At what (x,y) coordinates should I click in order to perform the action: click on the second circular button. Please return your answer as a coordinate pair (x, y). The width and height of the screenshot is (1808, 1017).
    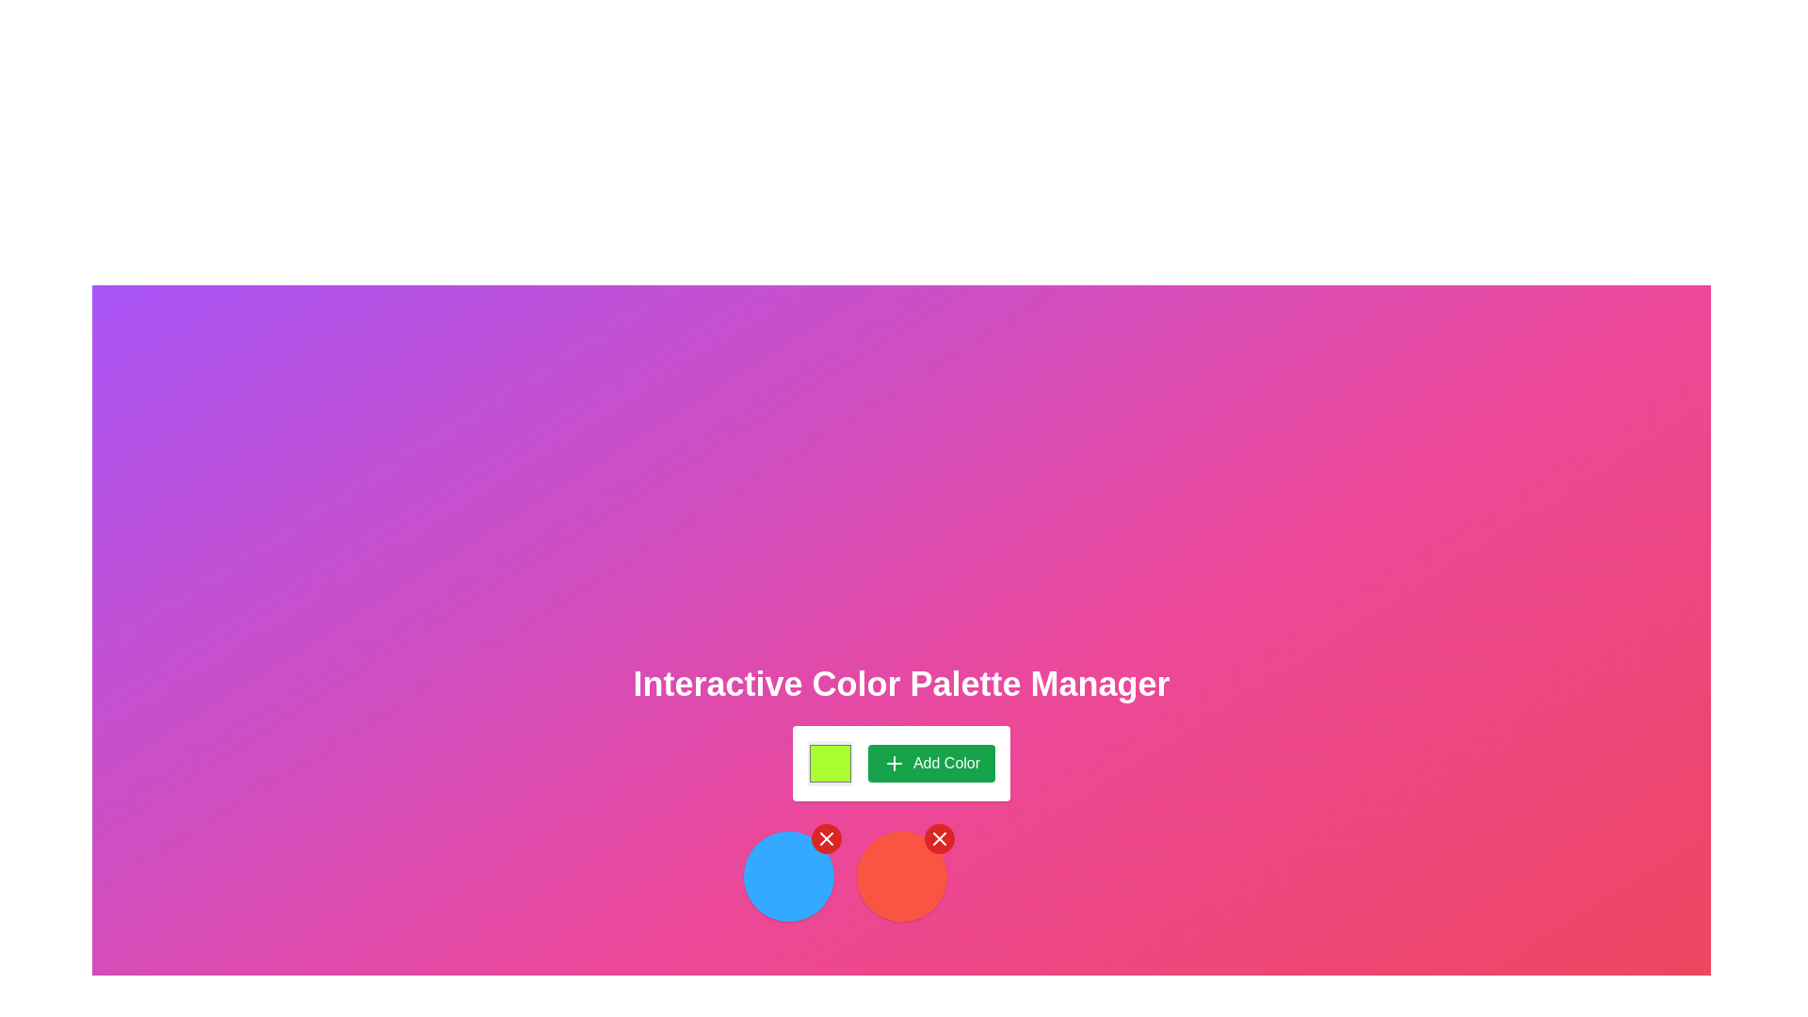
    Looking at the image, I should click on (900, 876).